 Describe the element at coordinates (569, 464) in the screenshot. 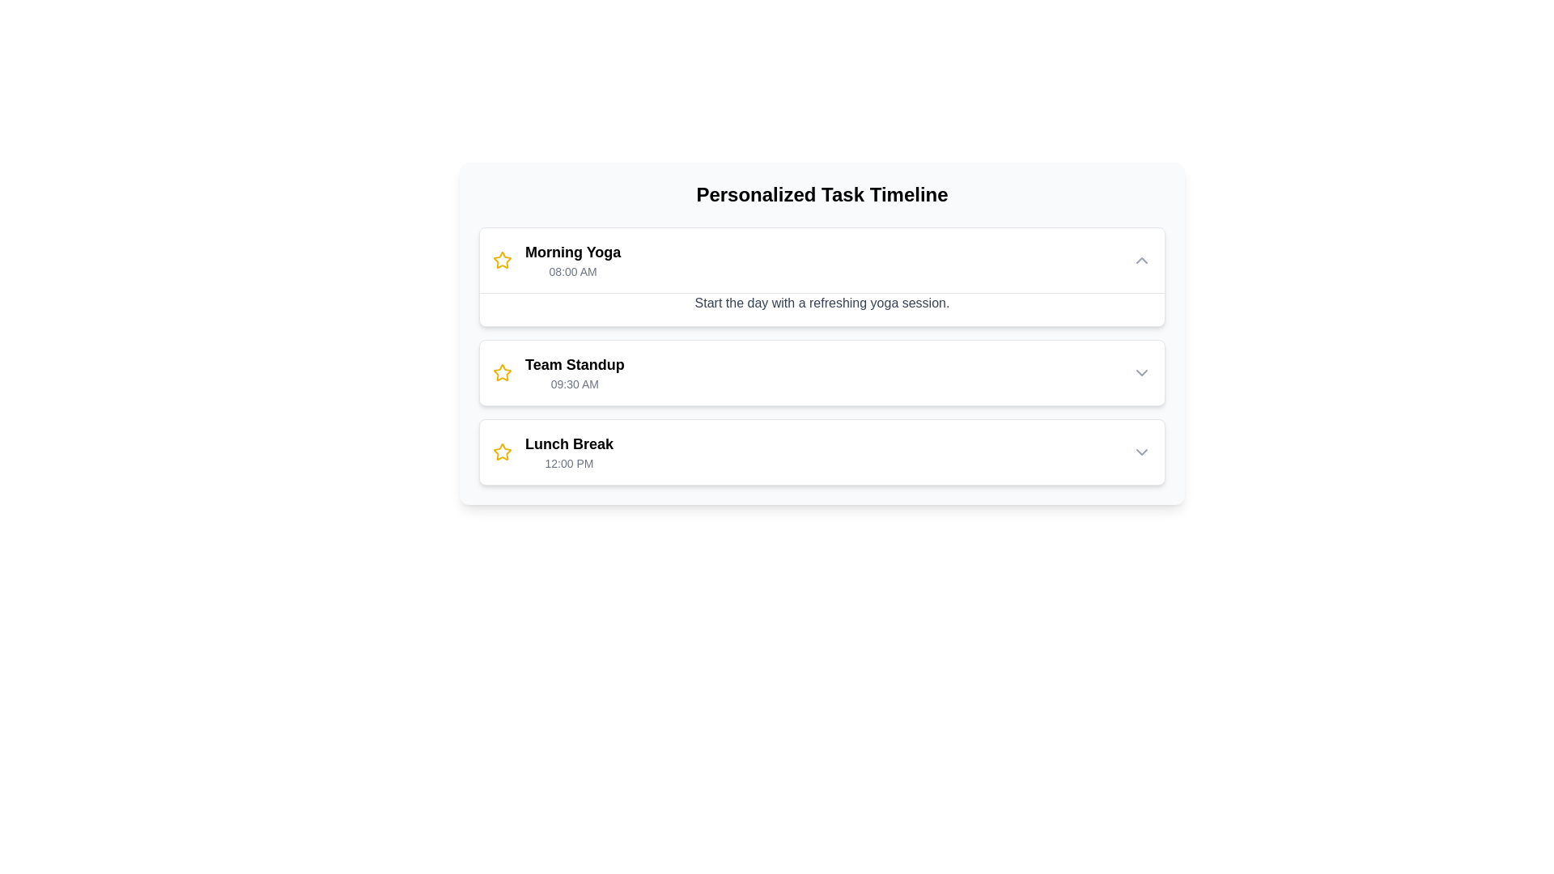

I see `time displayed in the text element showing '12:00 PM', located in the third task card under 'Personalized Task Timeline', below 'Lunch Break'` at that location.